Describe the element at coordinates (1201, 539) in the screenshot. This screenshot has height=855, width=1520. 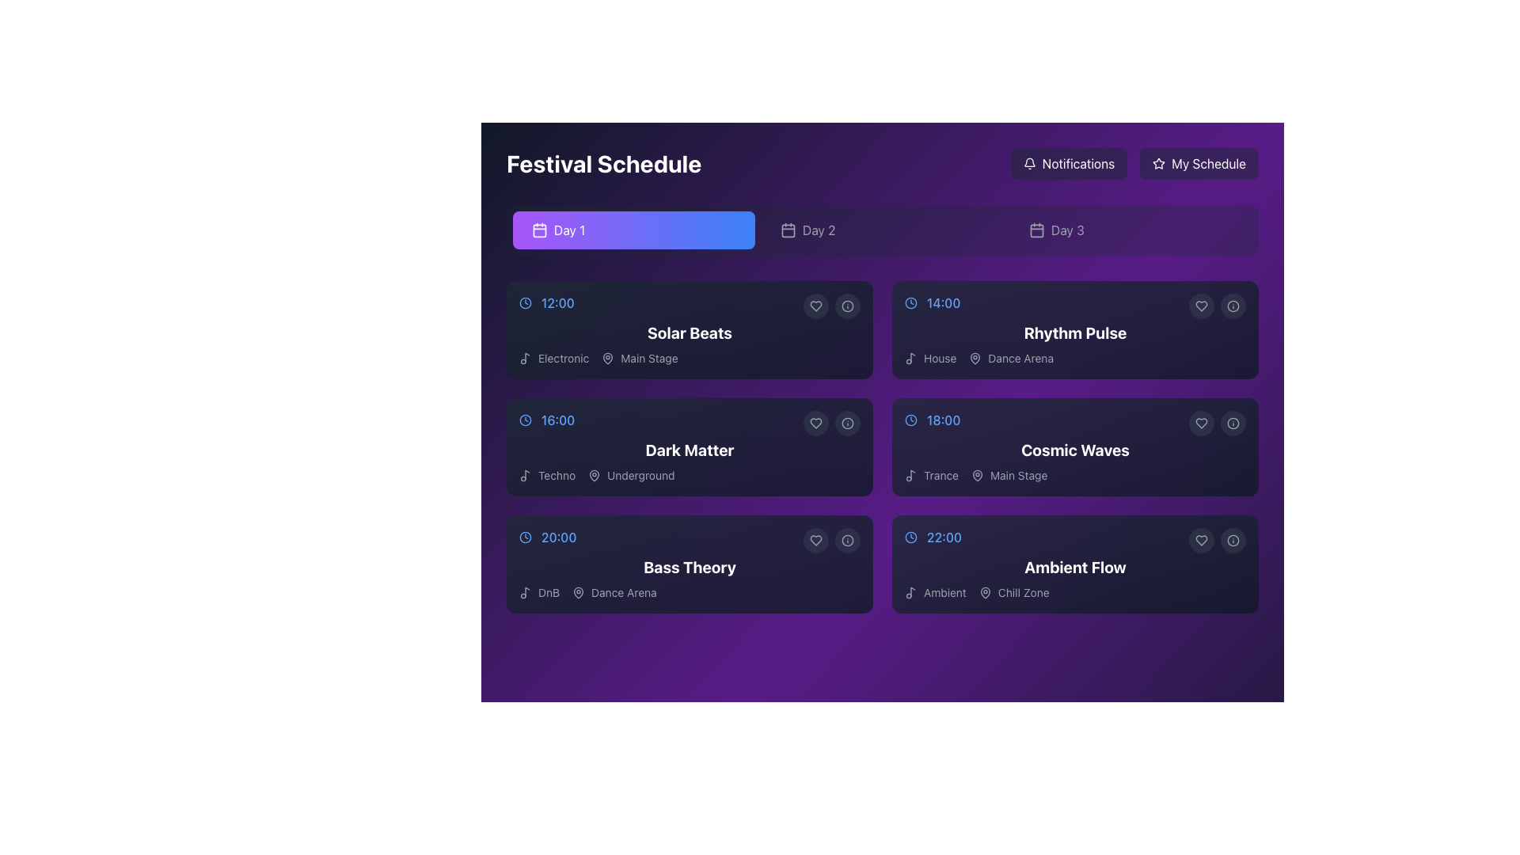
I see `the heart icon located at the bottom-right corner of the 'Ambient Flow' event card to mark the event as a favorite` at that location.